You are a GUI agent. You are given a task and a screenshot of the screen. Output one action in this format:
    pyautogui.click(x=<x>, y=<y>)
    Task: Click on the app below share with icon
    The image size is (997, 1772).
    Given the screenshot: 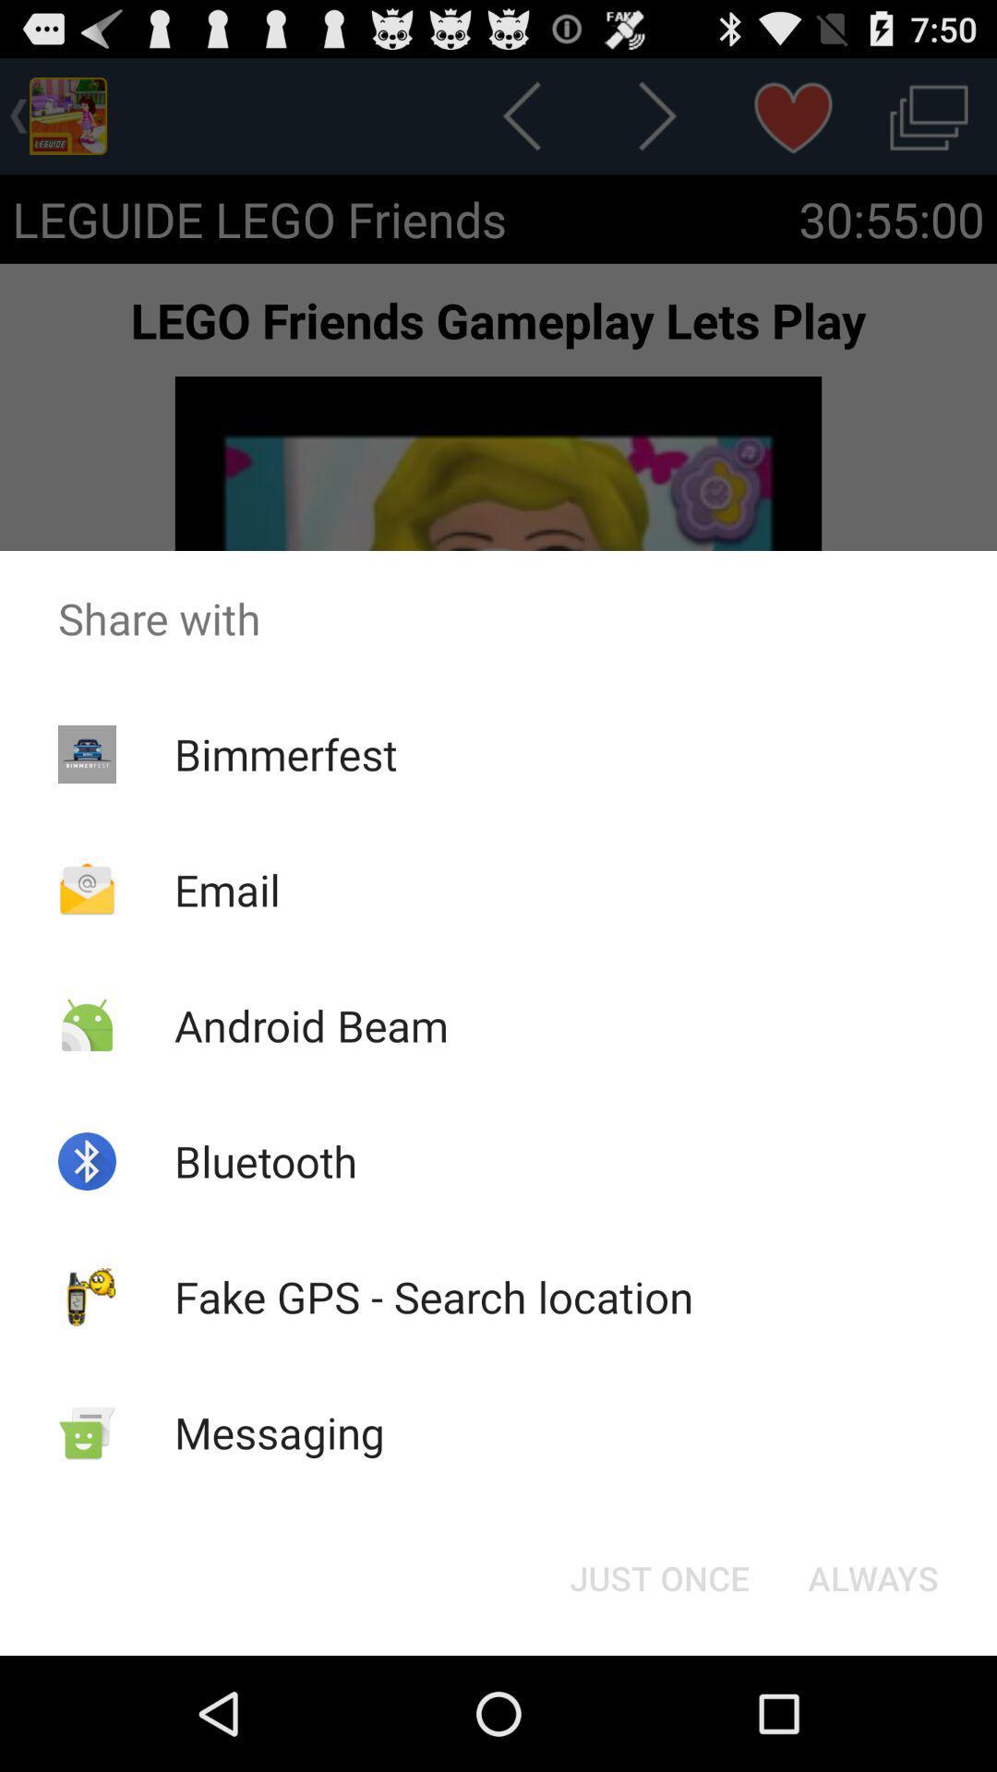 What is the action you would take?
    pyautogui.click(x=872, y=1576)
    